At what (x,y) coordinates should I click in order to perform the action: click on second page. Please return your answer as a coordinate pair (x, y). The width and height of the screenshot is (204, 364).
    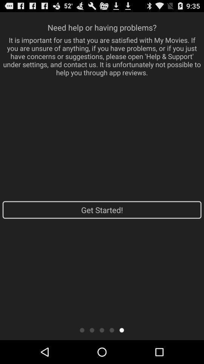
    Looking at the image, I should click on (92, 329).